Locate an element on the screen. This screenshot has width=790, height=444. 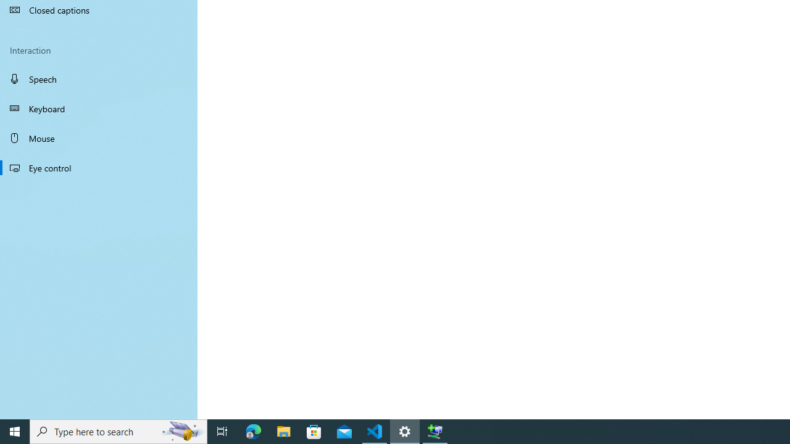
'Settings - 1 running window' is located at coordinates (405, 430).